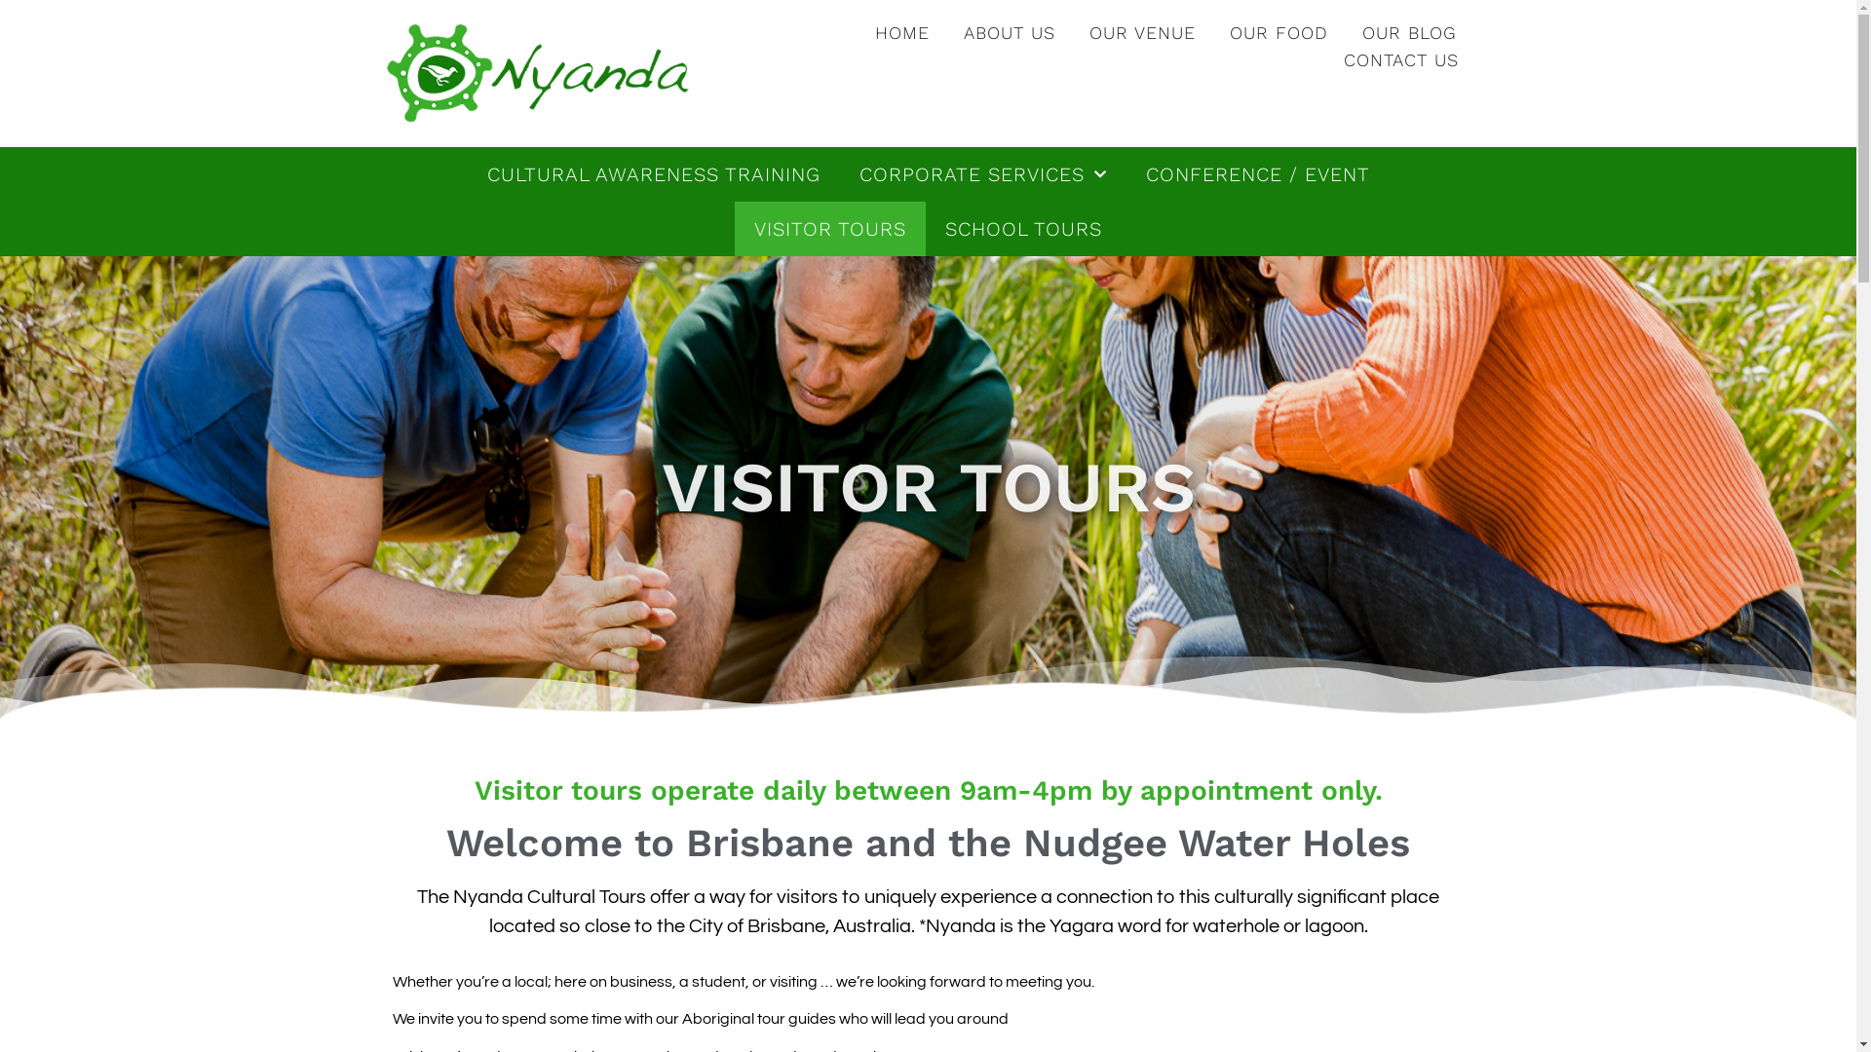 This screenshot has height=1052, width=1871. Describe the element at coordinates (1346, 33) in the screenshot. I see `'OUR BLOG'` at that location.